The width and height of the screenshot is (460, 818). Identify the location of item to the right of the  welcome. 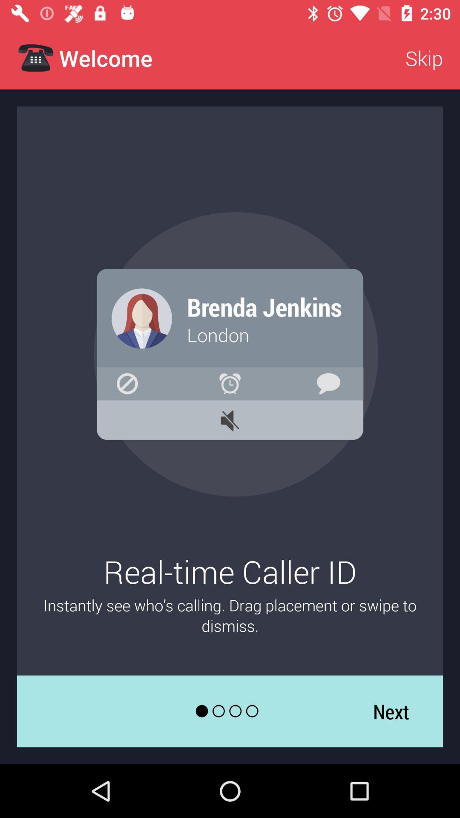
(424, 58).